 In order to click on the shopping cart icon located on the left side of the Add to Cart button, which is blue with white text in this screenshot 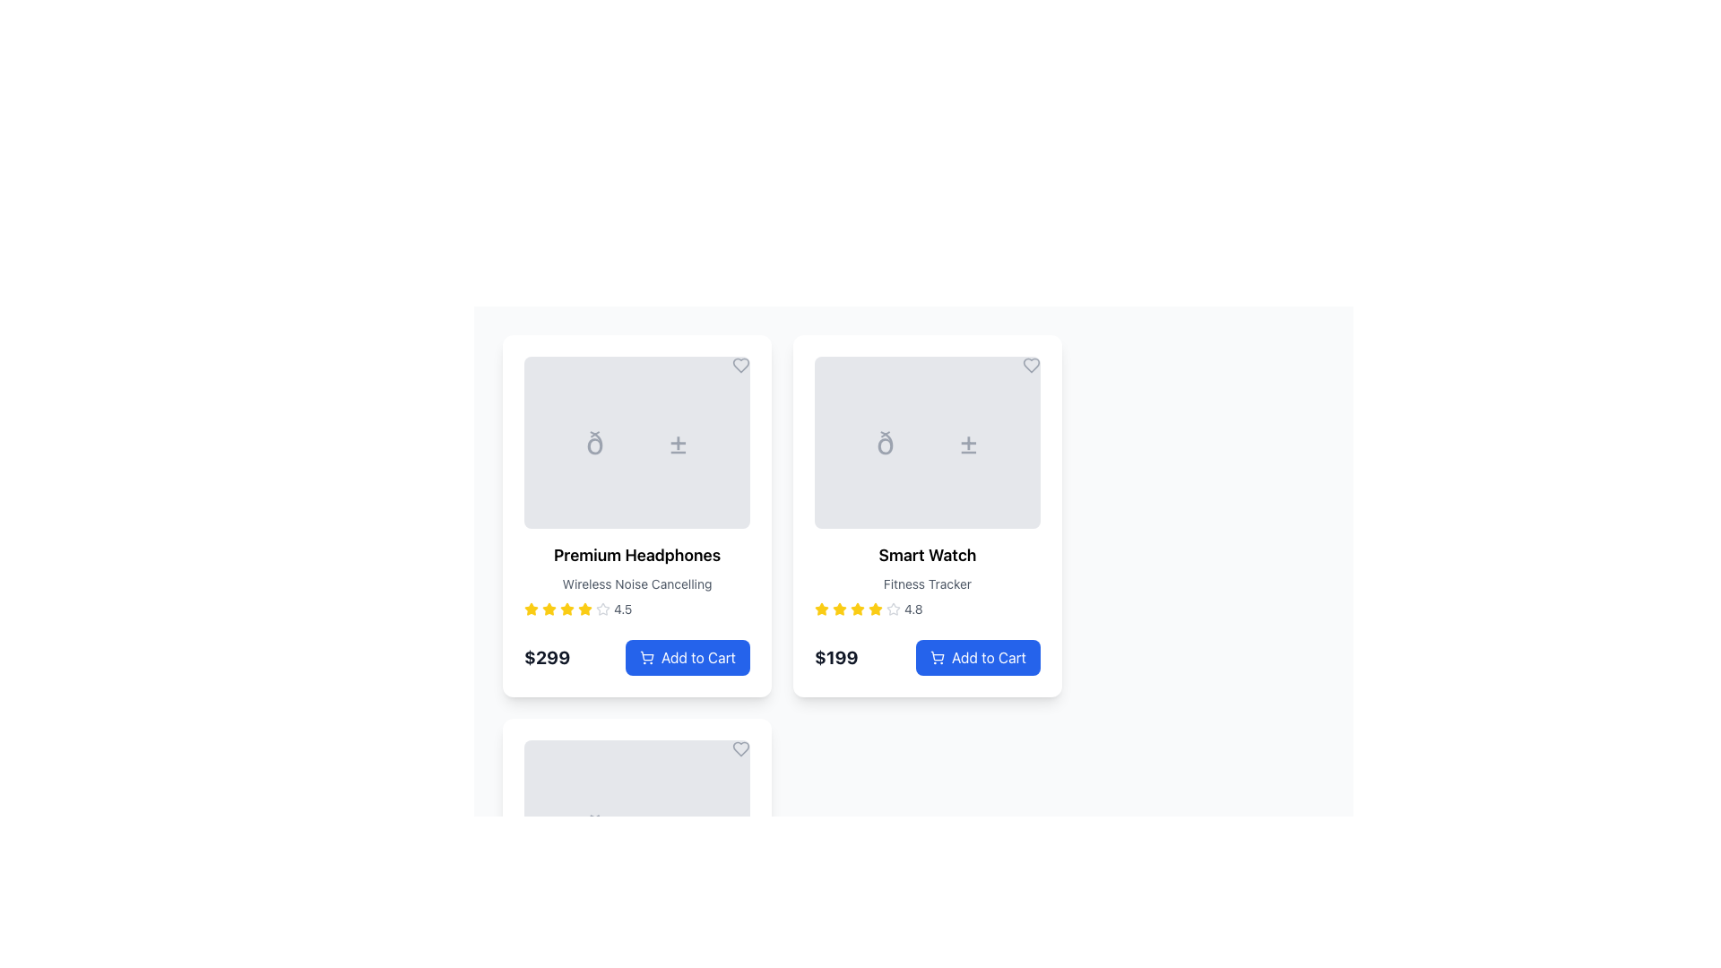, I will do `click(645, 657)`.